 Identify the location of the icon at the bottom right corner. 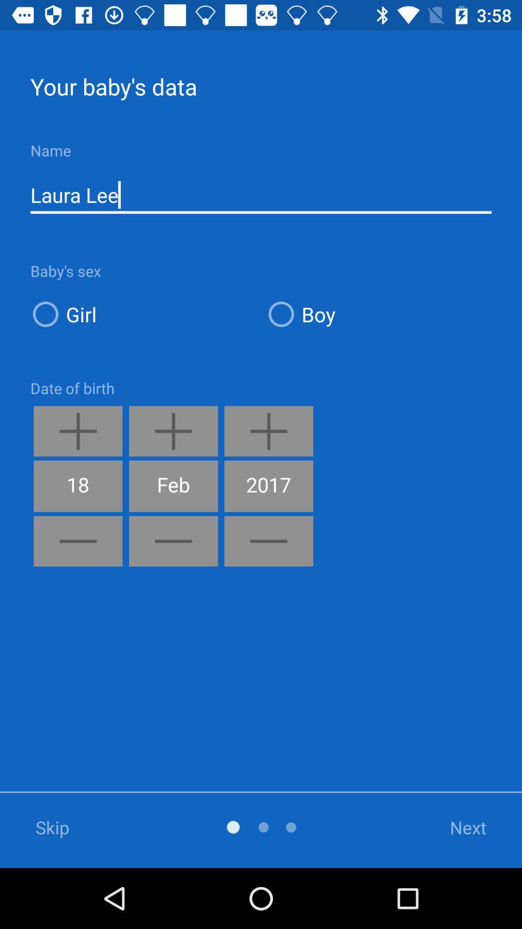
(456, 826).